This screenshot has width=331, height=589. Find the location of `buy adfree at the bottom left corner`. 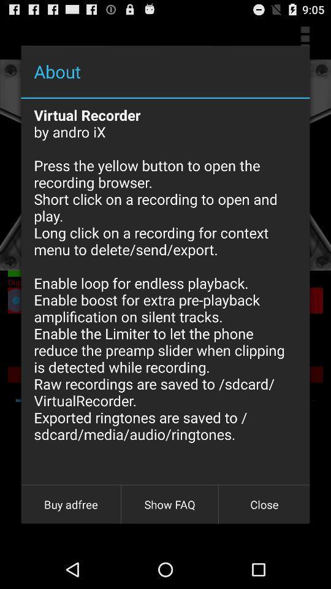

buy adfree at the bottom left corner is located at coordinates (70, 504).